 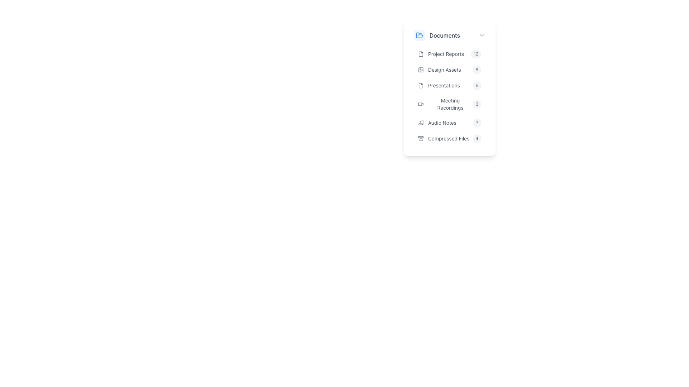 What do you see at coordinates (421, 70) in the screenshot?
I see `the SVG Shape (Rounded Rectangle) that represents a specific functionality or label, located near the 'Design Assets' list item` at bounding box center [421, 70].